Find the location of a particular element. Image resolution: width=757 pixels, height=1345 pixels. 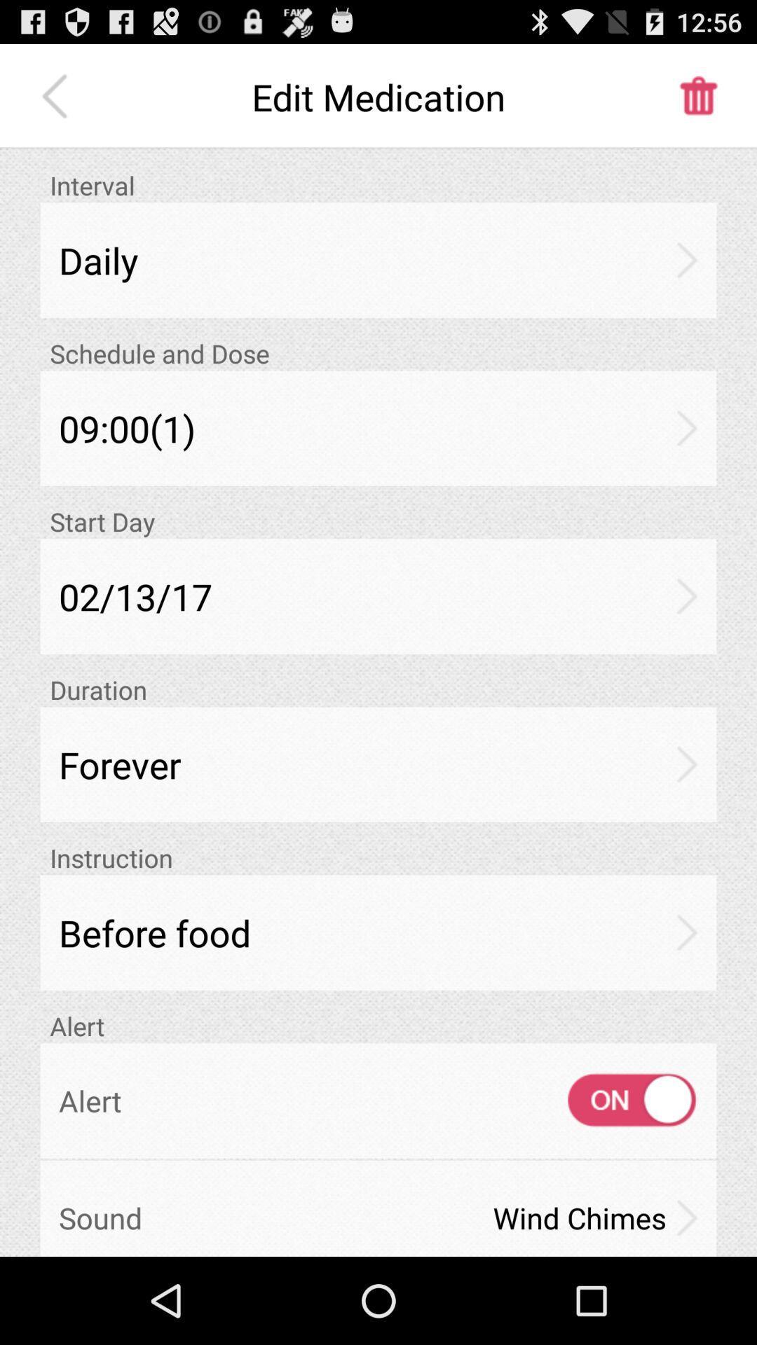

the delete icon is located at coordinates (698, 103).